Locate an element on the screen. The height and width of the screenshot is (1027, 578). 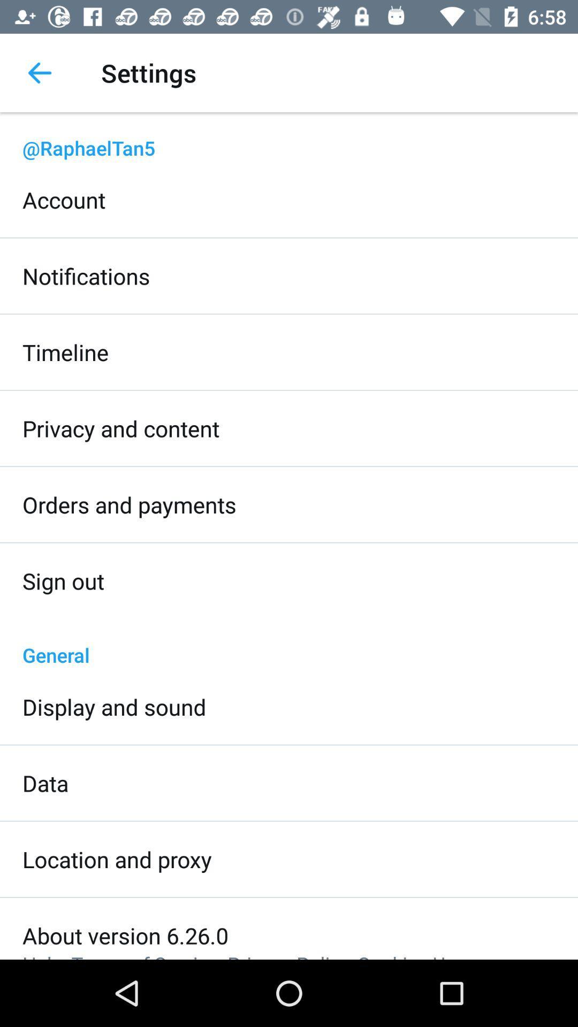
the help terms of is located at coordinates (244, 955).